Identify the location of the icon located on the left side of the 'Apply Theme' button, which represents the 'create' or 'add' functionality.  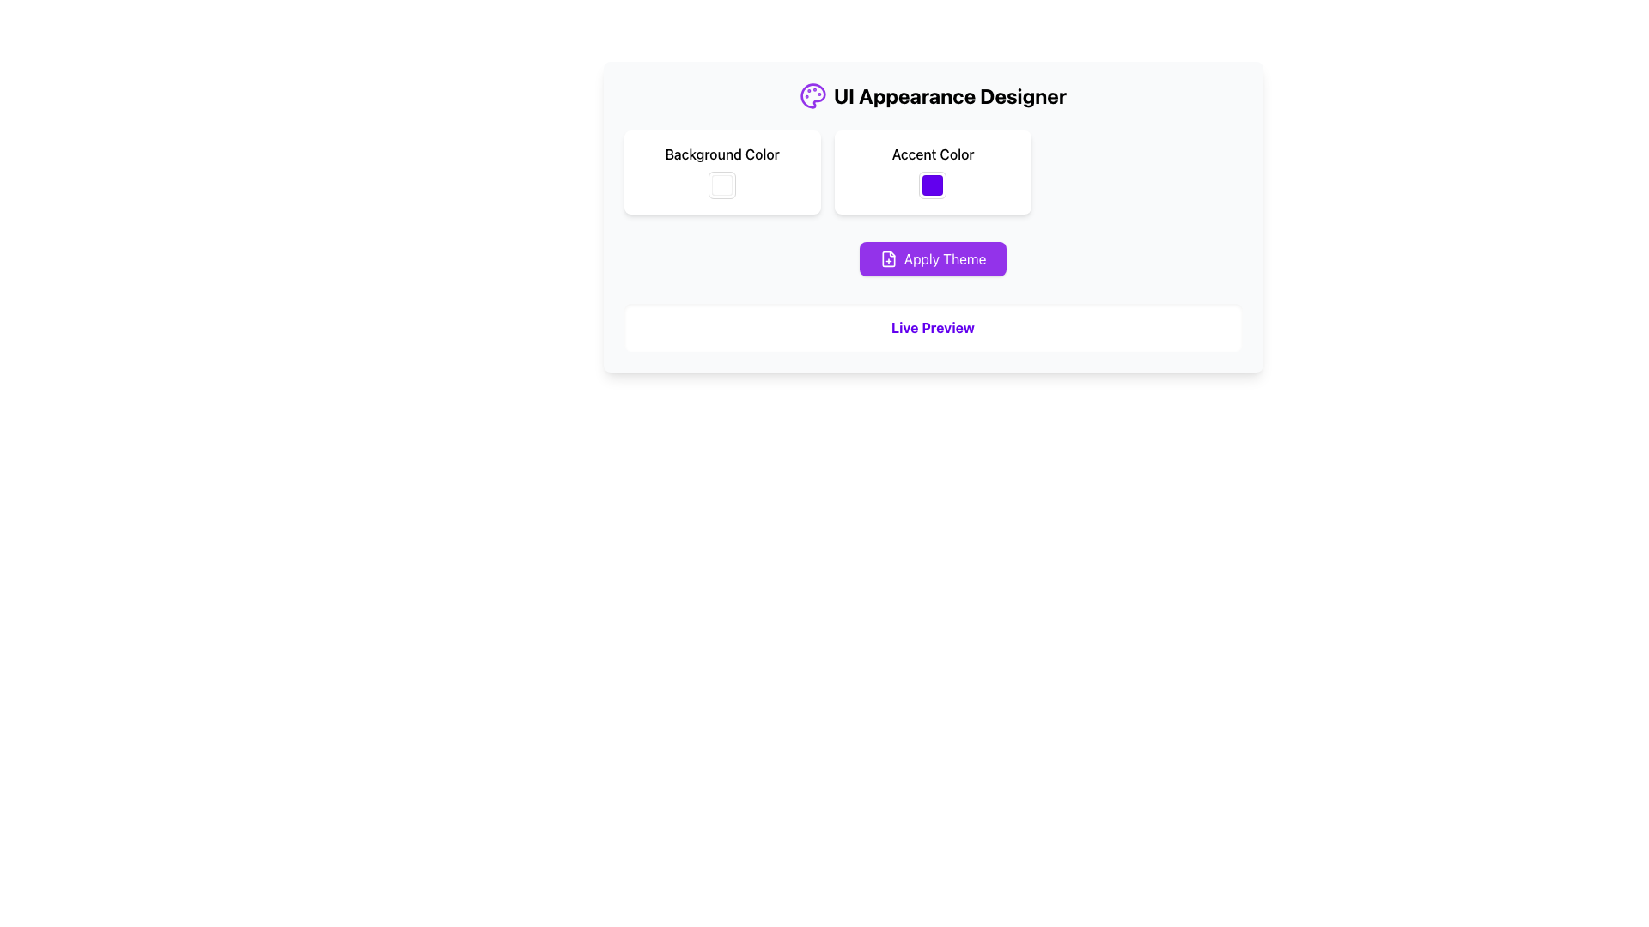
(888, 258).